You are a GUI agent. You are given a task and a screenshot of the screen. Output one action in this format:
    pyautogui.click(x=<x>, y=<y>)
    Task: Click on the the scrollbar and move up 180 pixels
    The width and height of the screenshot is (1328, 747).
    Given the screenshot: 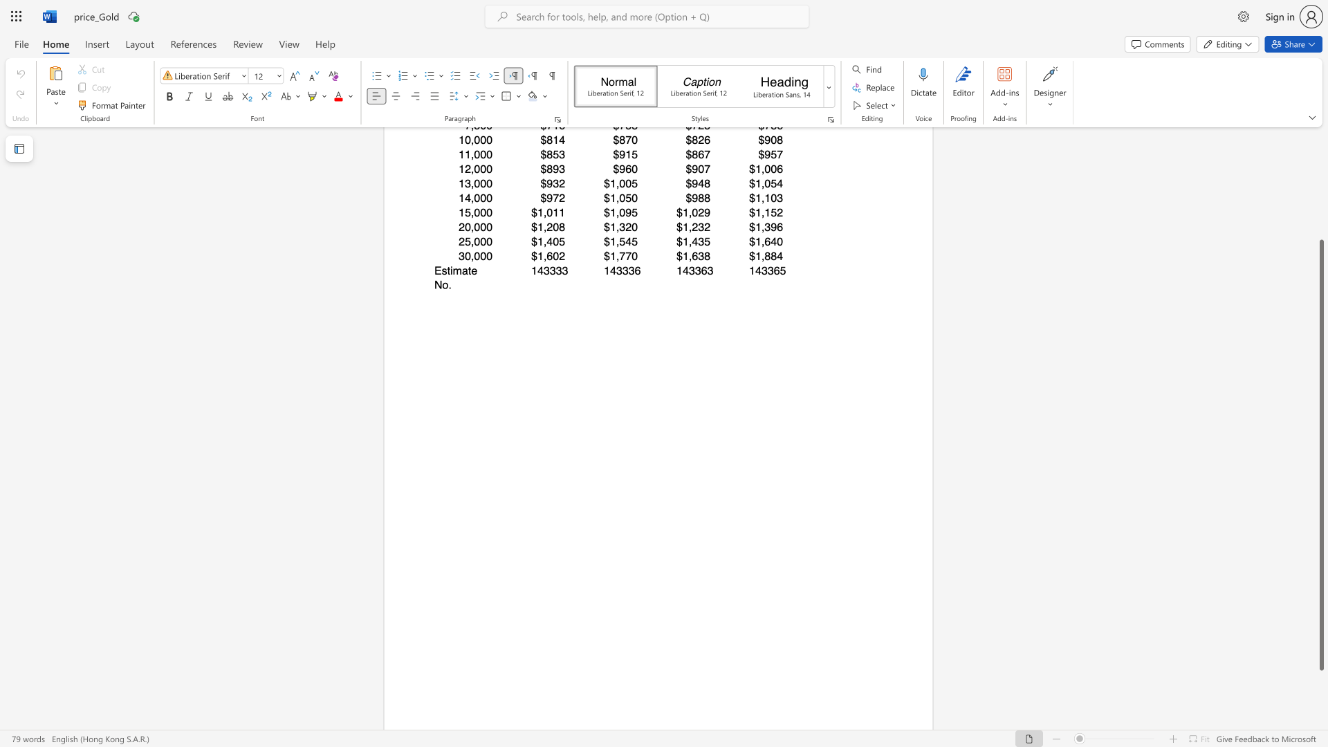 What is the action you would take?
    pyautogui.click(x=1320, y=455)
    